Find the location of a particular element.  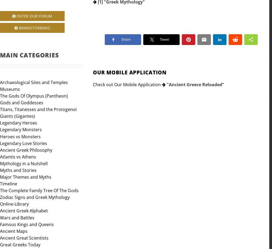

'Our Mobile Application' is located at coordinates (130, 72).